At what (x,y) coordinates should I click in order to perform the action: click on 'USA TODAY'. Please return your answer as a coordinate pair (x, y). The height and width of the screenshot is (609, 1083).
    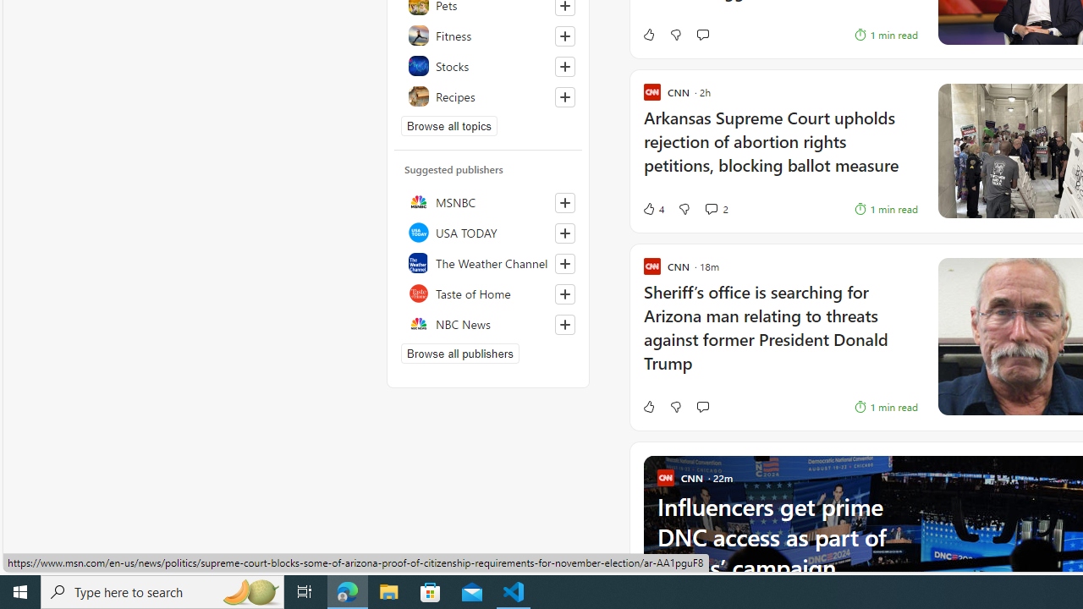
    Looking at the image, I should click on (487, 233).